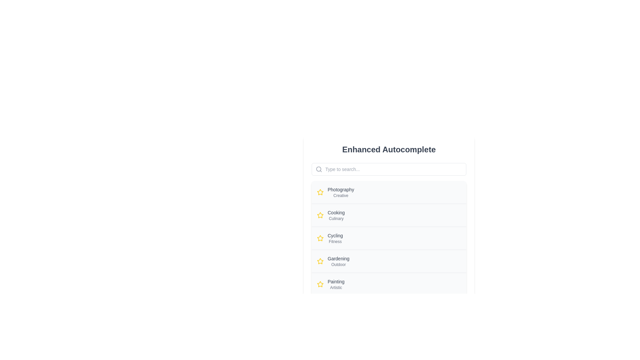  What do you see at coordinates (320, 261) in the screenshot?
I see `the icon that serves as an indicator for the 'Gardening' and 'Outdoor' text, located on the fourth row of the vertically stacked list` at bounding box center [320, 261].